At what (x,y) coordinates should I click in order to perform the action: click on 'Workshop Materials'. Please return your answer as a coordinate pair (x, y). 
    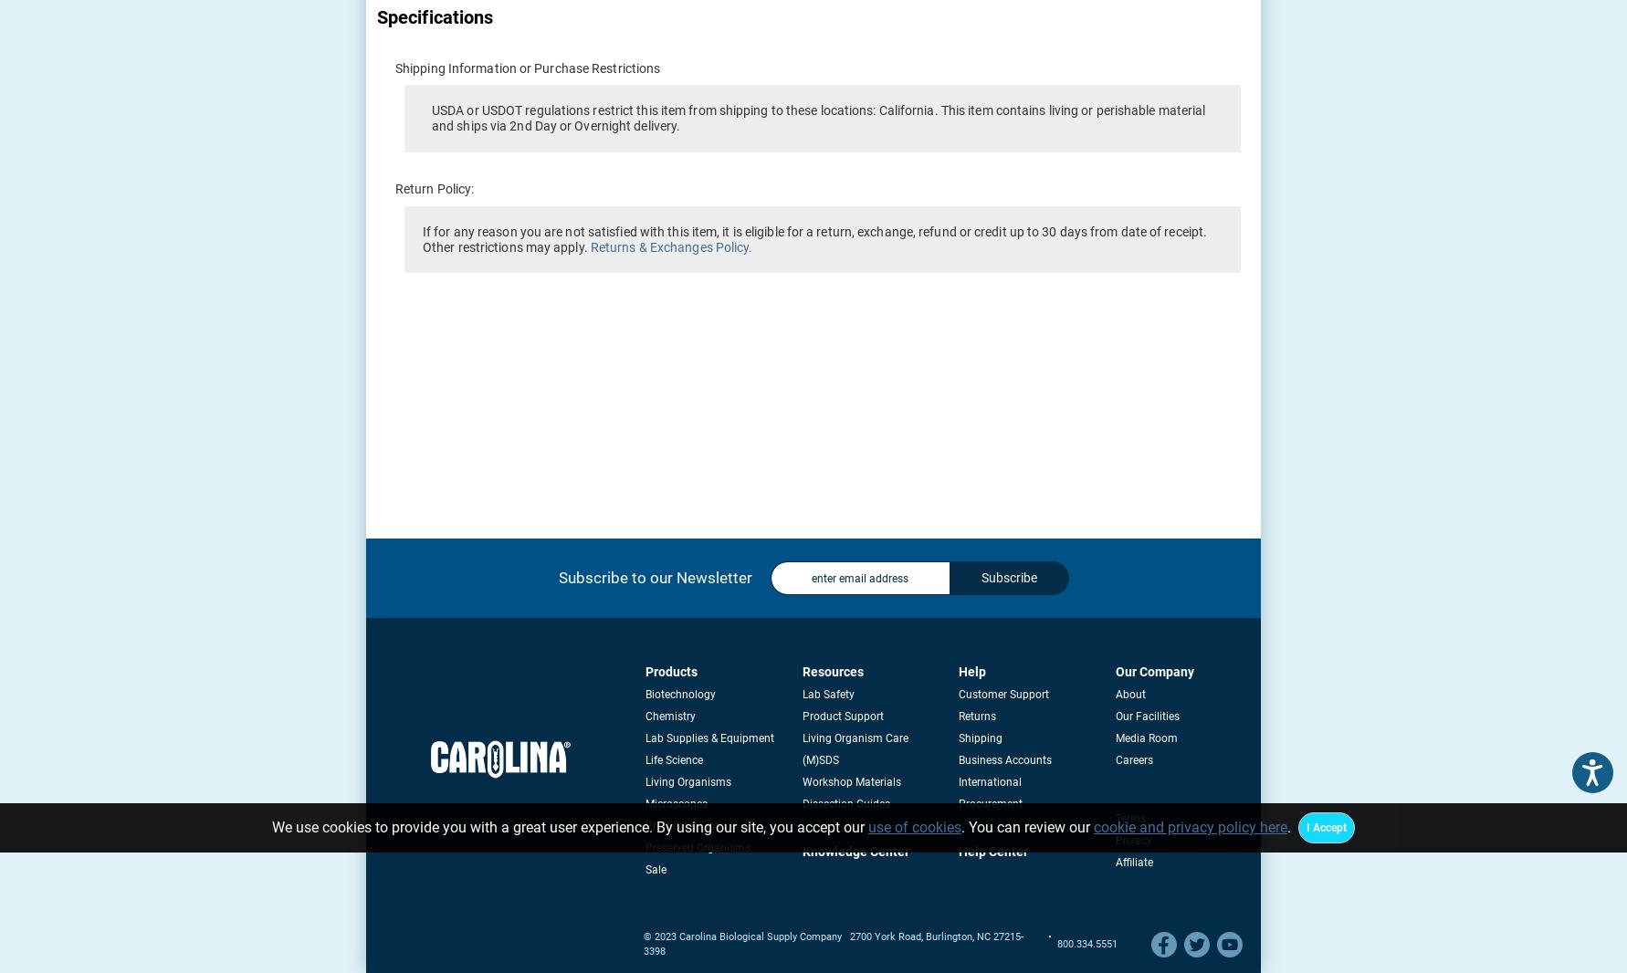
    Looking at the image, I should click on (850, 781).